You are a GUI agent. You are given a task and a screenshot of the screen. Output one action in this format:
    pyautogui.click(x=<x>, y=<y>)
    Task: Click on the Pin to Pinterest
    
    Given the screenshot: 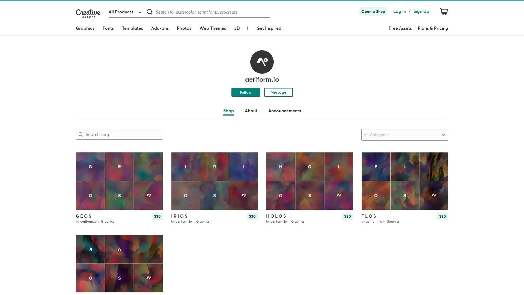 What is the action you would take?
    pyautogui.click(x=275, y=161)
    